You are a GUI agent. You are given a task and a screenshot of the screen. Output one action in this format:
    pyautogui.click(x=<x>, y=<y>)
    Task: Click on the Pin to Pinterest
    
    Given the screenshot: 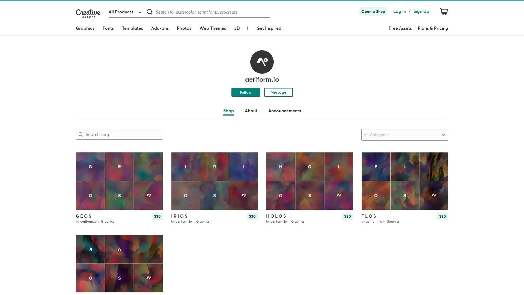 What is the action you would take?
    pyautogui.click(x=275, y=161)
    